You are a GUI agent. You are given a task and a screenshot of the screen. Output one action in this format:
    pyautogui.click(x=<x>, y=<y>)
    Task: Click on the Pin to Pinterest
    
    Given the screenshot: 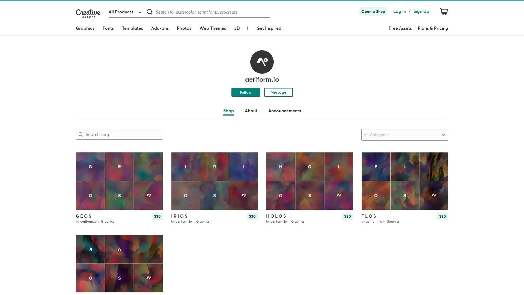 What is the action you would take?
    pyautogui.click(x=275, y=161)
    